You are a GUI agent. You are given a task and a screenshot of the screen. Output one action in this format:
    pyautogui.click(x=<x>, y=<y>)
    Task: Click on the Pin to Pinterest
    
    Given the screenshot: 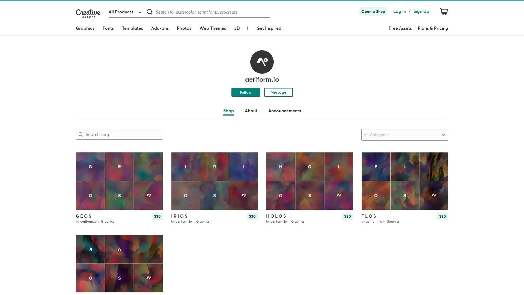 What is the action you would take?
    pyautogui.click(x=275, y=161)
    